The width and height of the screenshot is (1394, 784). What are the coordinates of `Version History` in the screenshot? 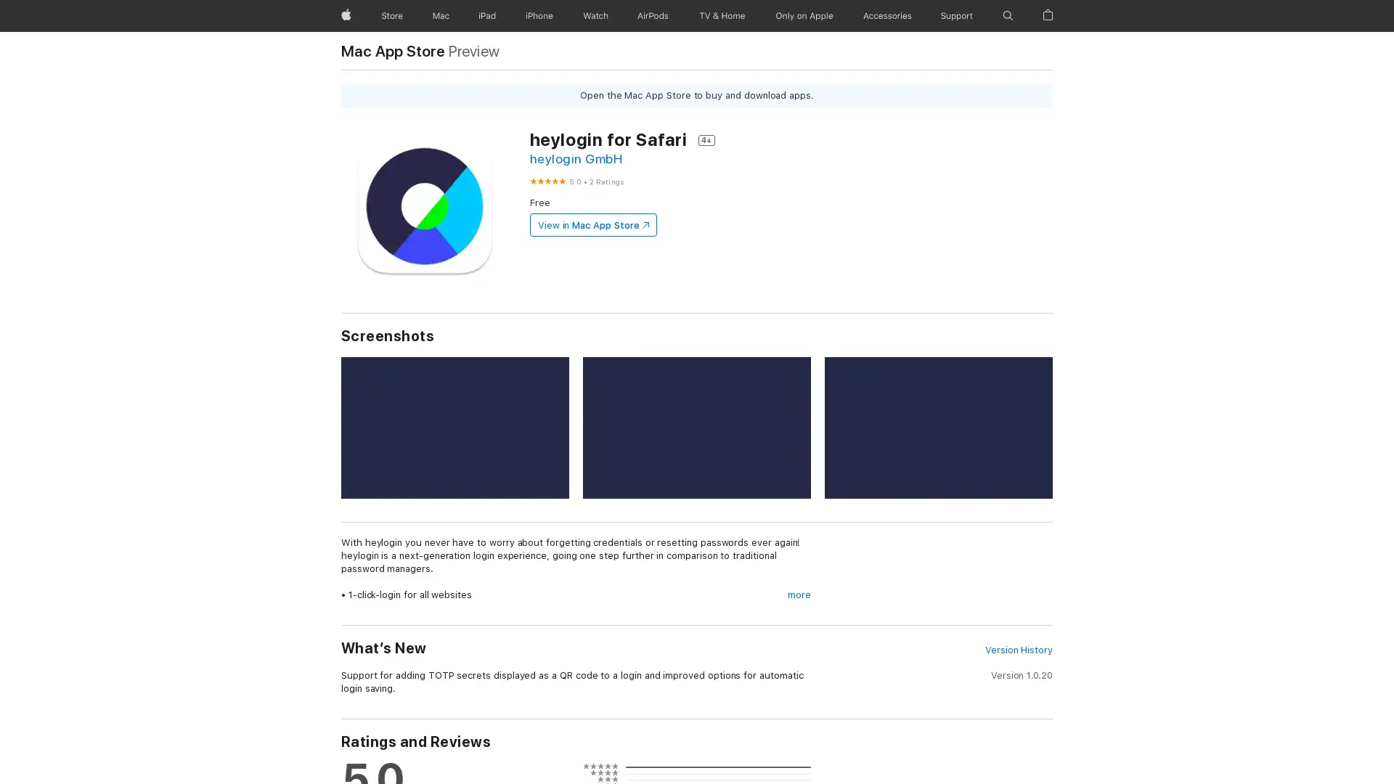 It's located at (1017, 649).